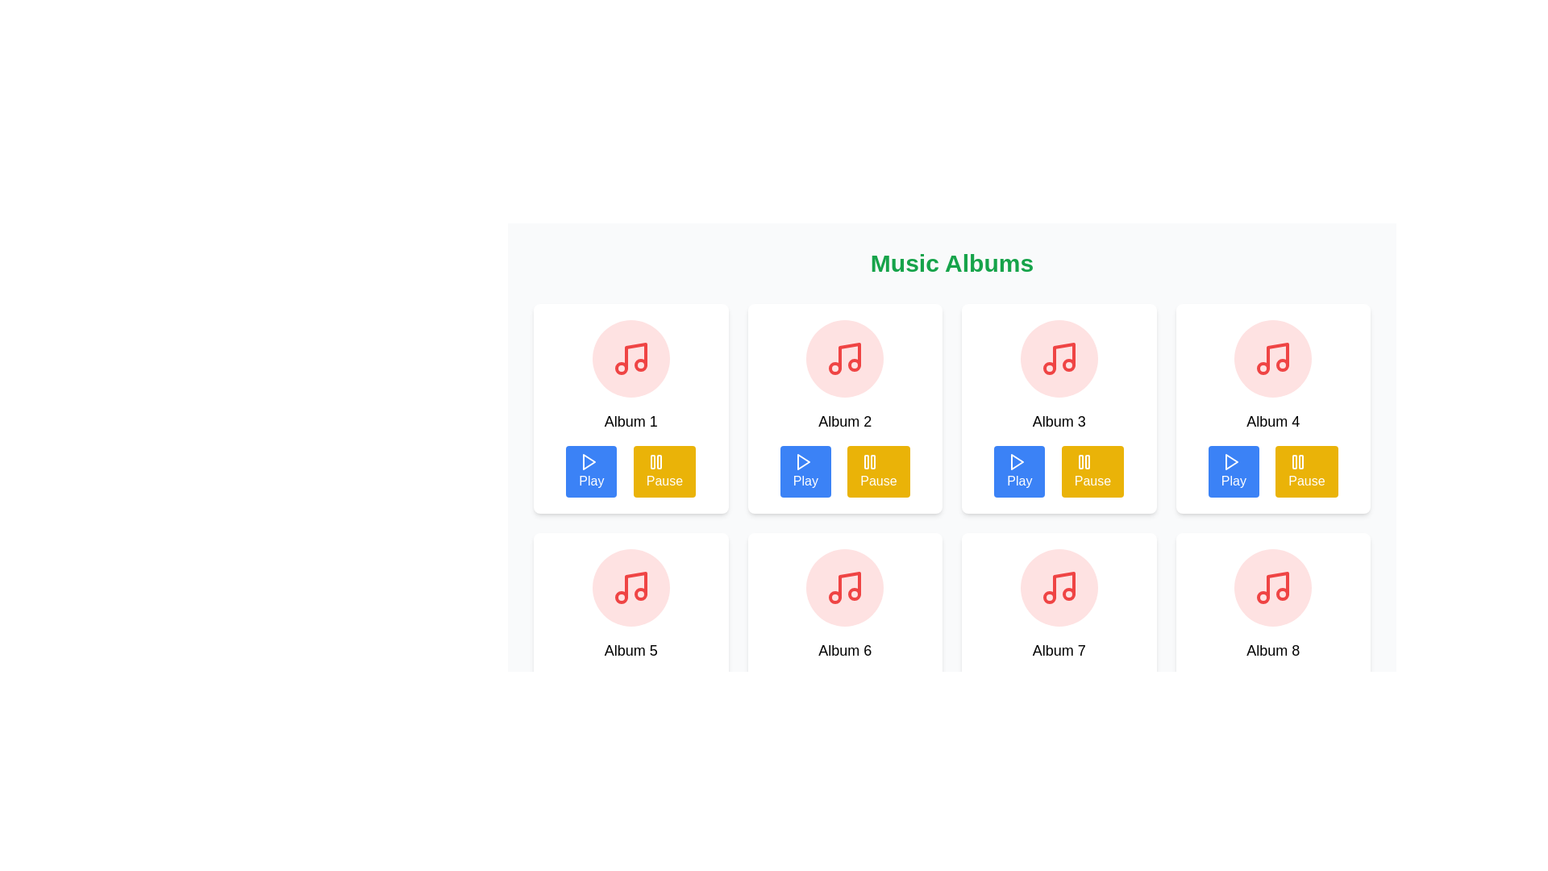 The height and width of the screenshot is (871, 1548). I want to click on the 'Pause' button in the playback control group located within the 'Album 4' content card, so click(1272, 472).